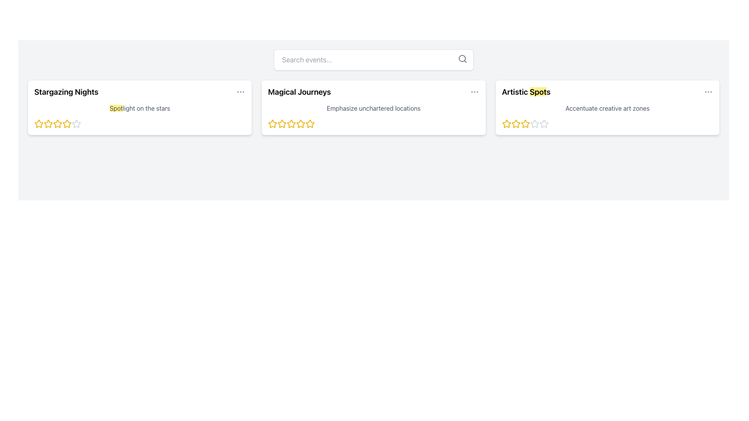 This screenshot has width=749, height=421. What do you see at coordinates (516, 123) in the screenshot?
I see `the second star-shaped icon with a yellow outline in the 5-star rating system located under the title 'Artistic Spots' in the card panel` at bounding box center [516, 123].